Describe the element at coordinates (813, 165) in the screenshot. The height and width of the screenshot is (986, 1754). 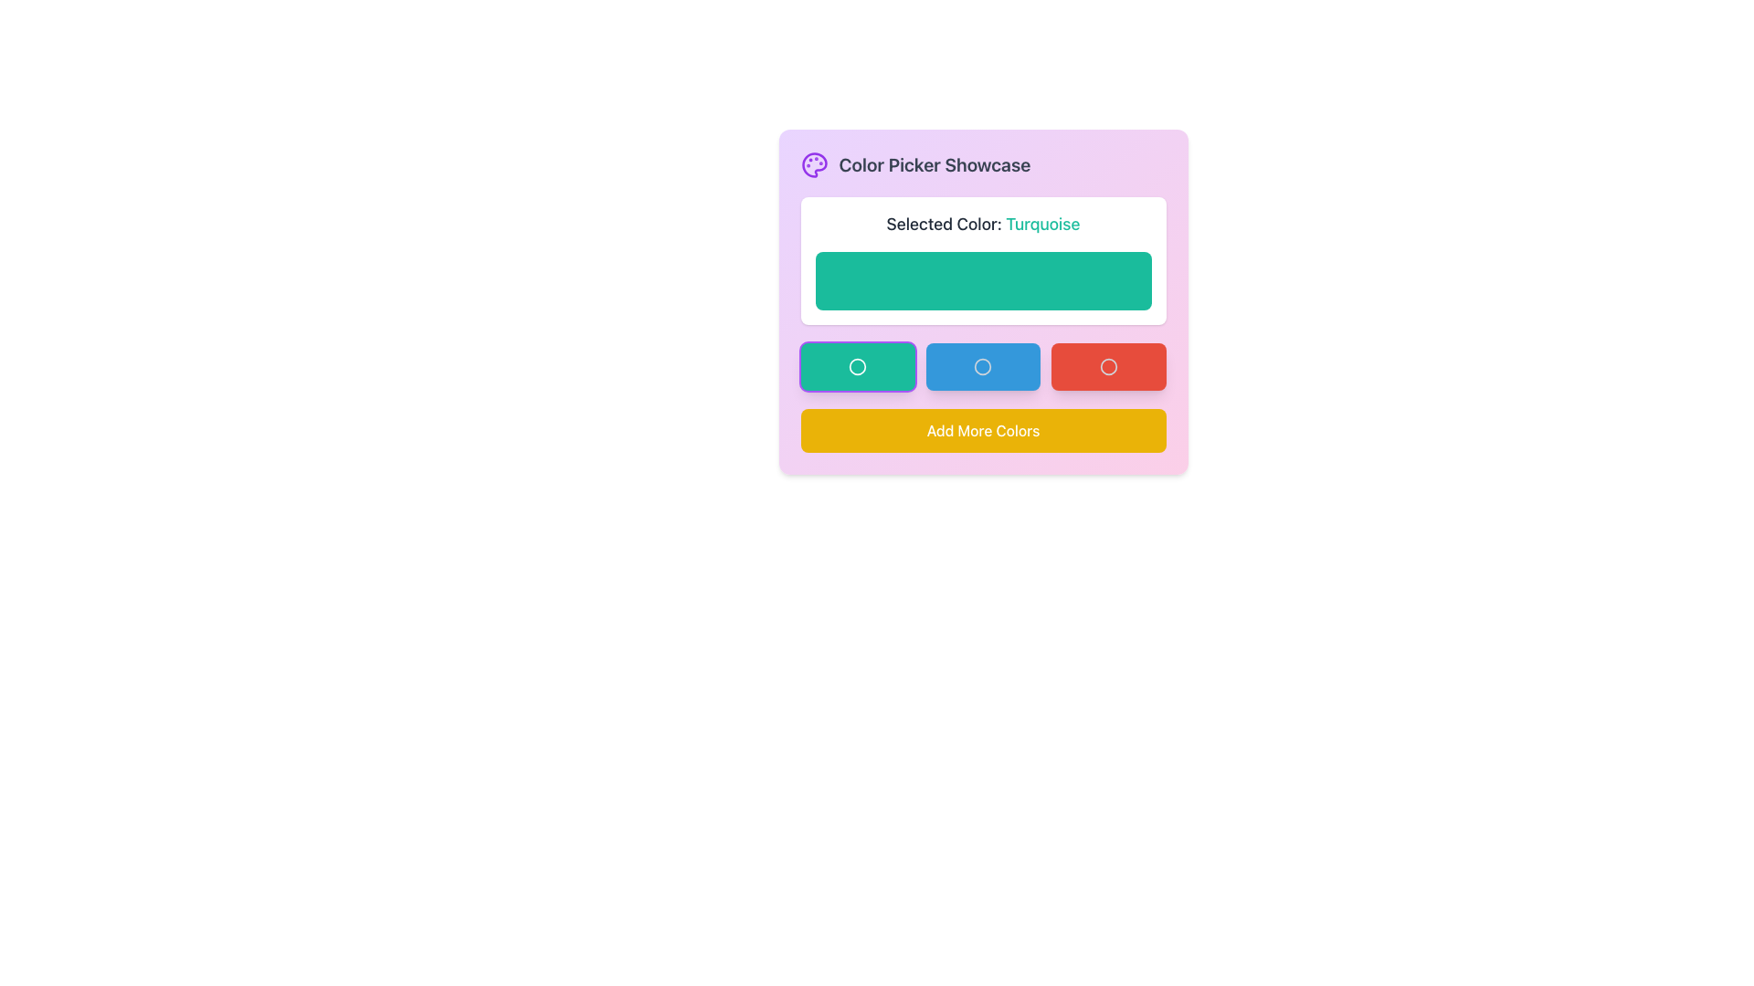
I see `the painter's palette icon, which is purple and located to the left of the 'Color Picker Showcase' text at the top of the widget` at that location.